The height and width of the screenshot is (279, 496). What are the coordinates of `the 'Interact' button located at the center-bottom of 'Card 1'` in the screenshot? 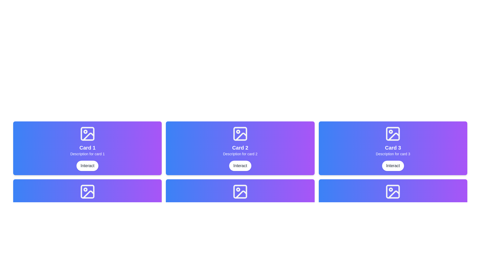 It's located at (87, 166).